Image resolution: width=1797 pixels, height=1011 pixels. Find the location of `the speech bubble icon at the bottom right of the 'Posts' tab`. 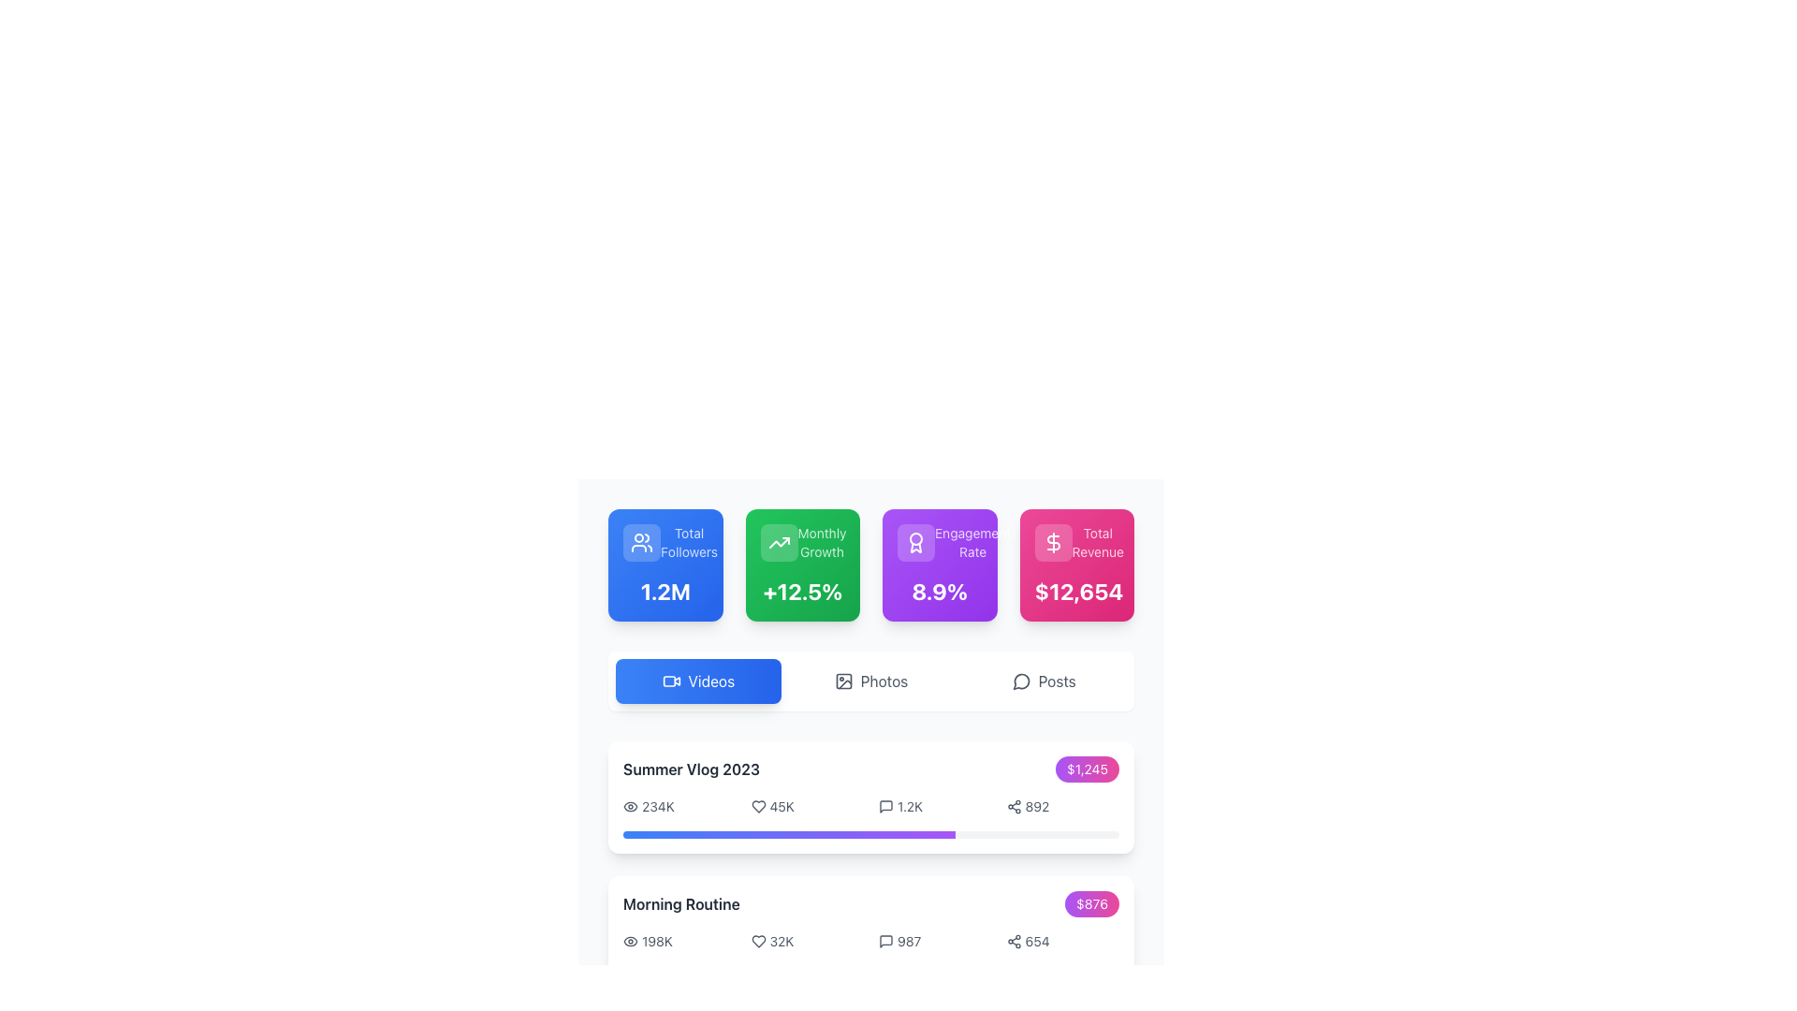

the speech bubble icon at the bottom right of the 'Posts' tab is located at coordinates (1020, 681).